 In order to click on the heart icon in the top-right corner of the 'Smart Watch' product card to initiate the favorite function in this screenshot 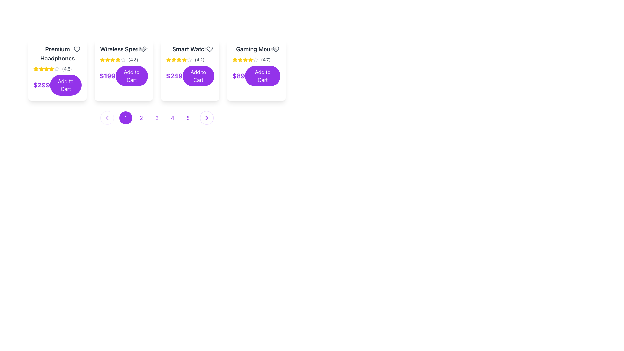, I will do `click(209, 49)`.